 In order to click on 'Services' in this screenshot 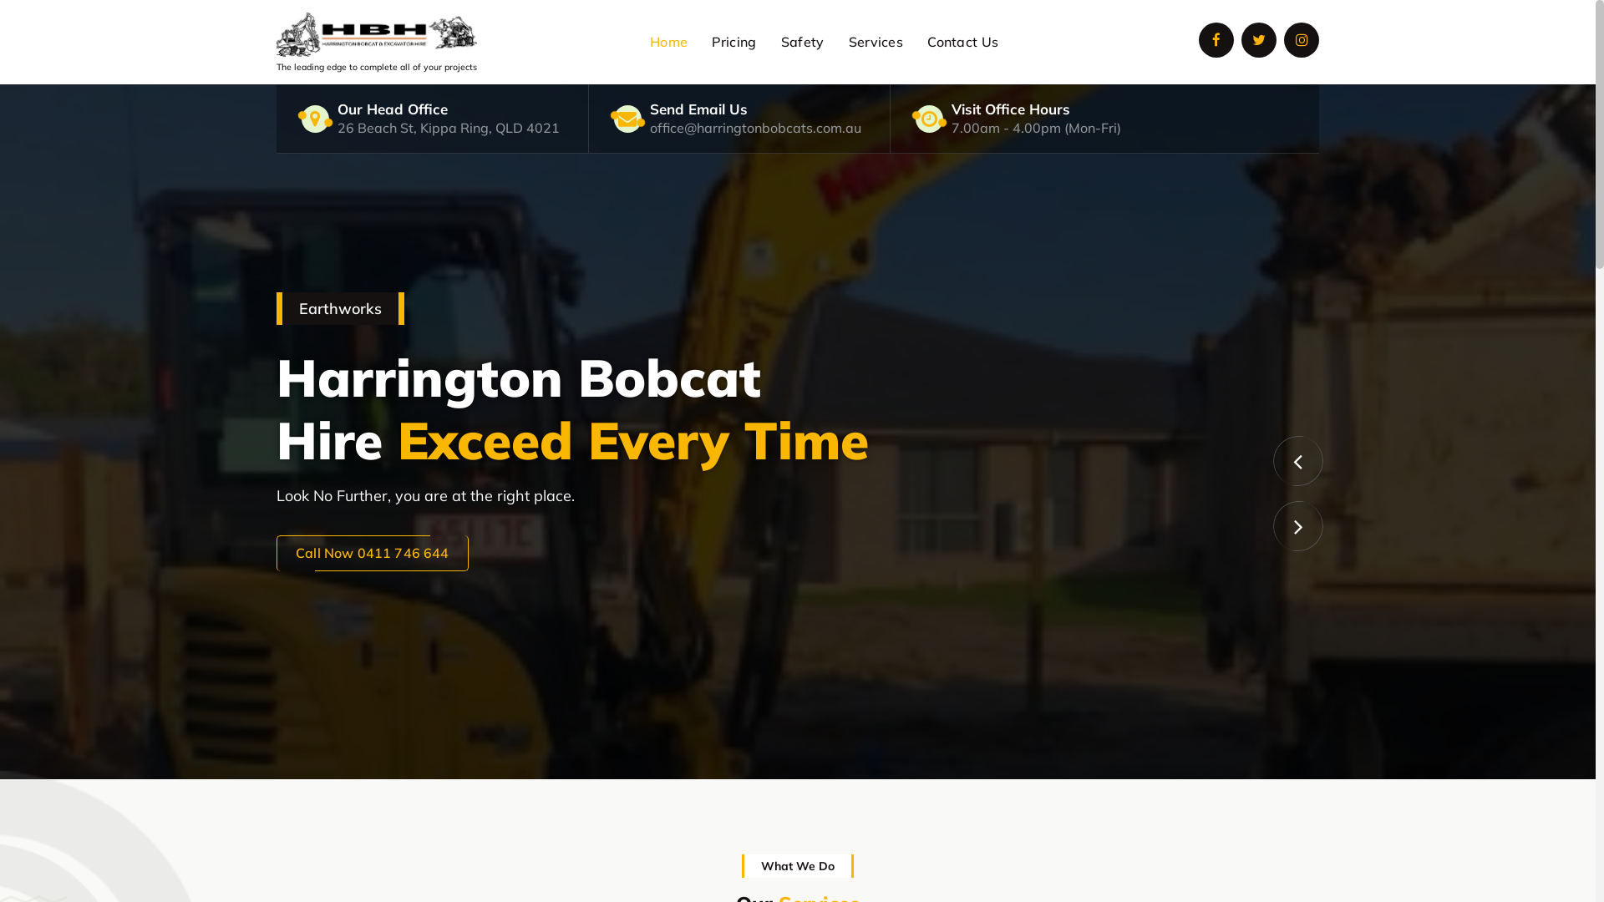, I will do `click(875, 41)`.